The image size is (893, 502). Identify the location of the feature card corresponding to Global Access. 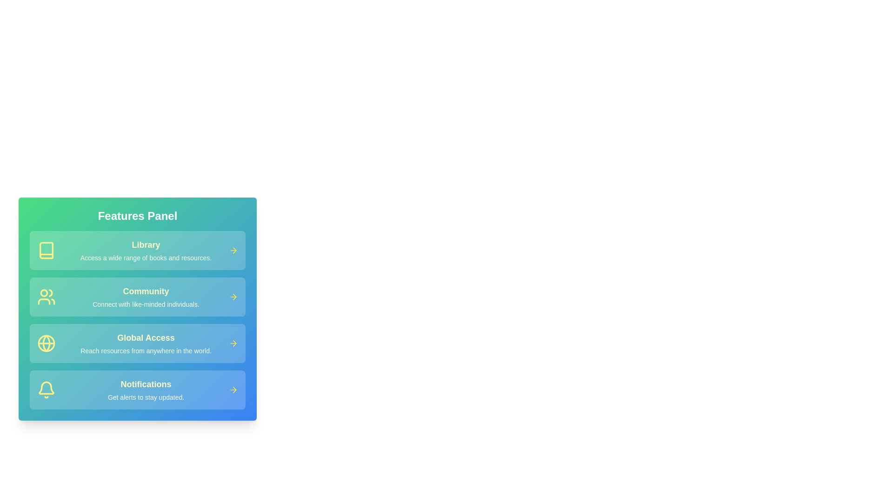
(137, 343).